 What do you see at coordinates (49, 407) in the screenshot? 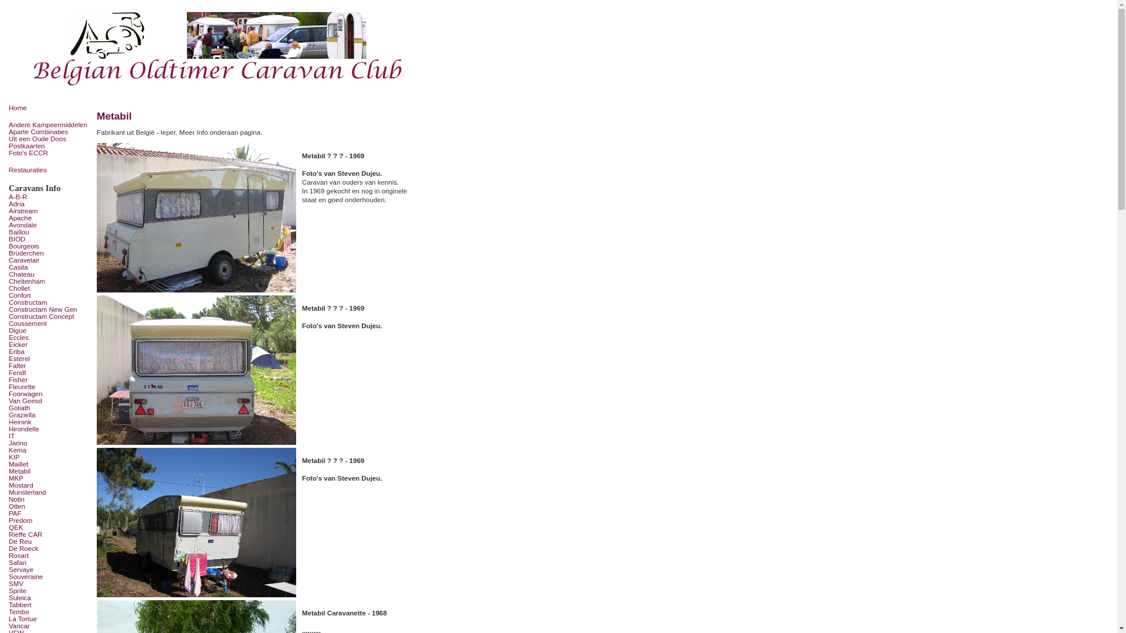
I see `'Goliath'` at bounding box center [49, 407].